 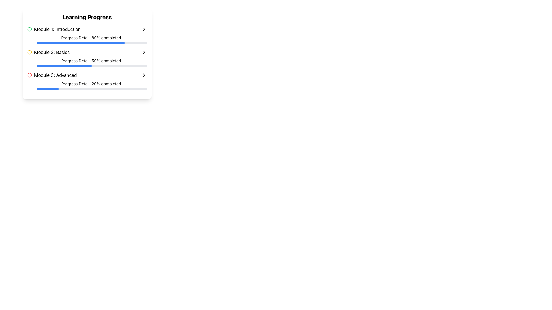 What do you see at coordinates (87, 39) in the screenshot?
I see `the visual progress bar of the Progress Indicator with Text located under the 'Module 1: Introduction' title` at bounding box center [87, 39].